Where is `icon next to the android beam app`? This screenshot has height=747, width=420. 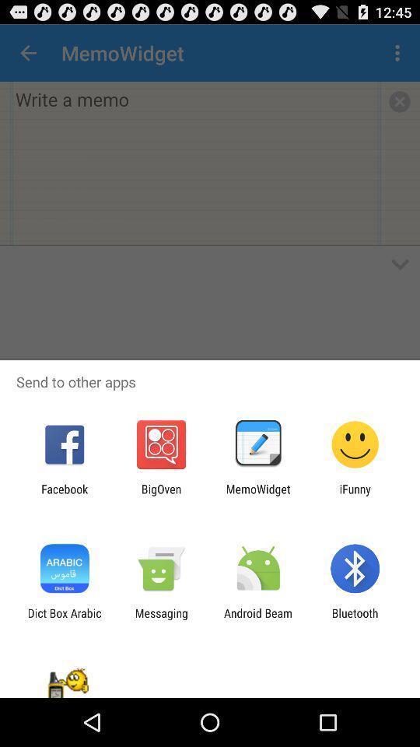
icon next to the android beam app is located at coordinates (355, 619).